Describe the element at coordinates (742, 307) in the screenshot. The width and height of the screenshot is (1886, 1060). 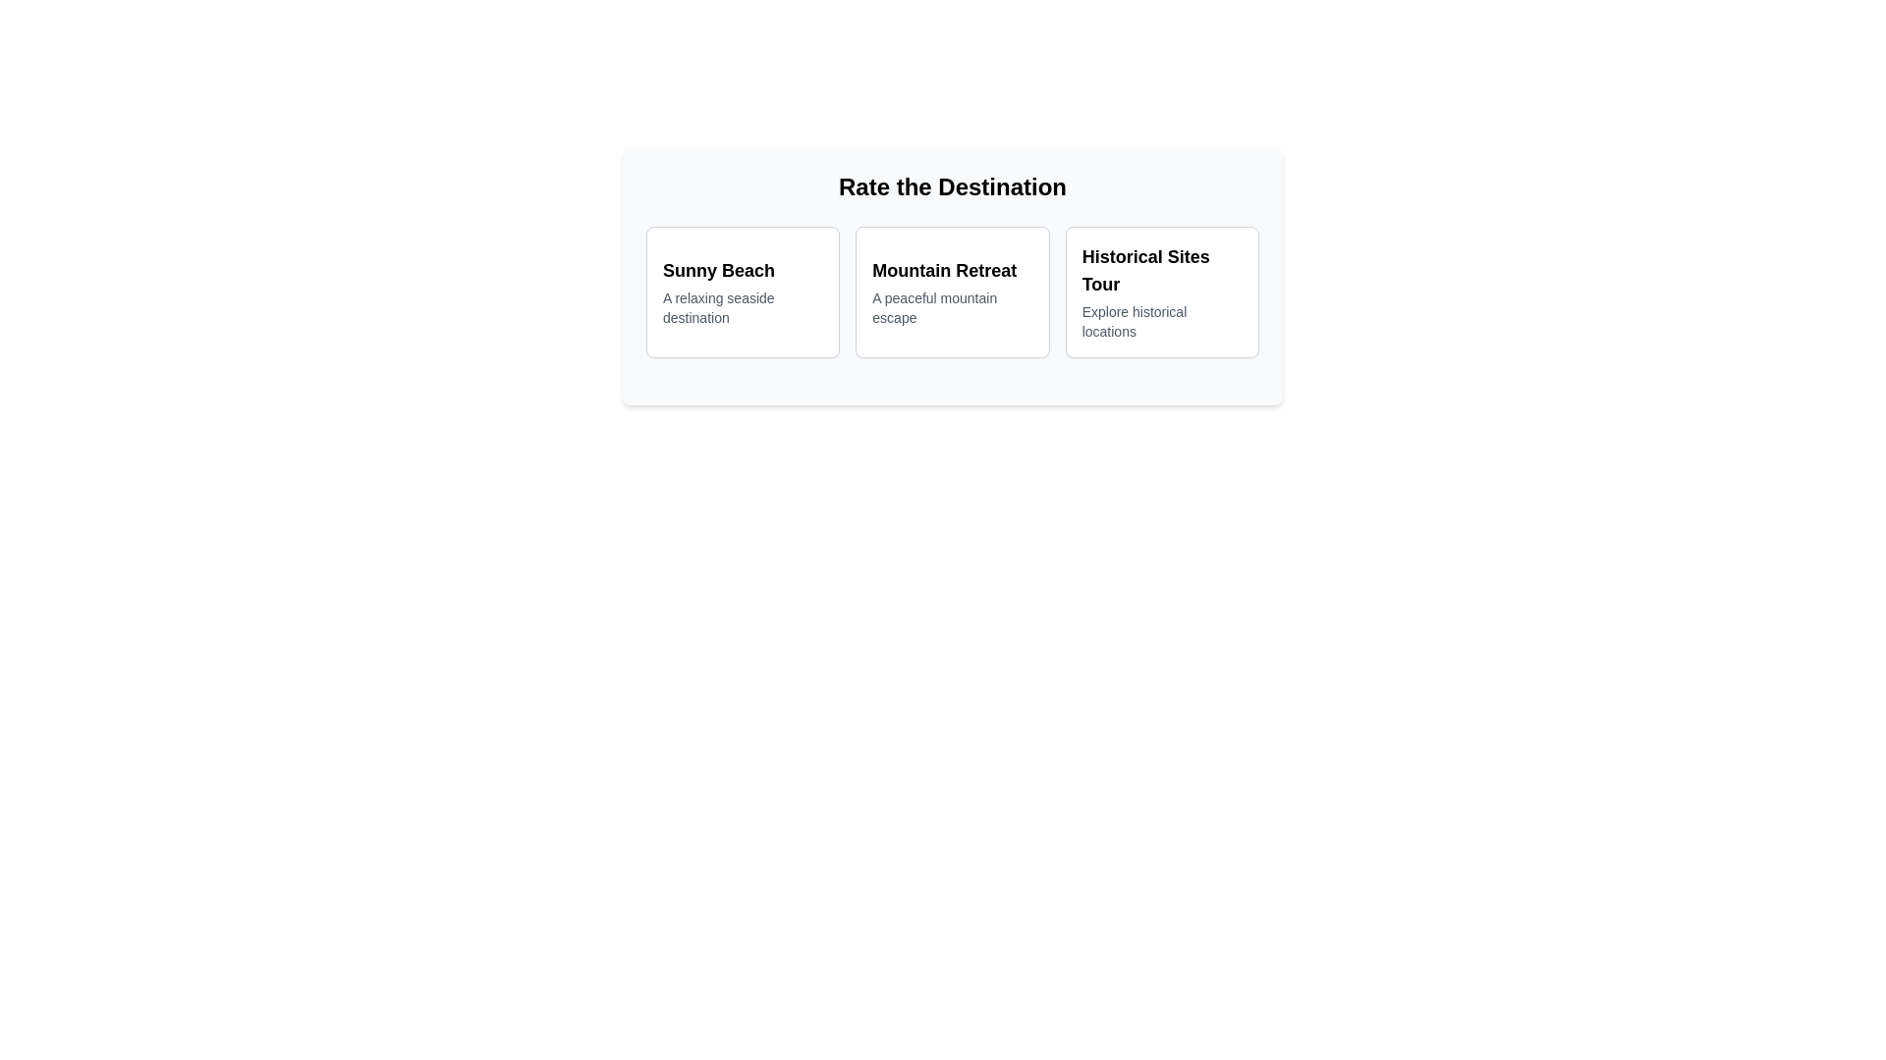
I see `the text label that reads 'A relaxing seaside destination', which is styled in a smaller gray font and located beneath the bold title 'Sunny Beach' in the leftmost option of the user interface` at that location.